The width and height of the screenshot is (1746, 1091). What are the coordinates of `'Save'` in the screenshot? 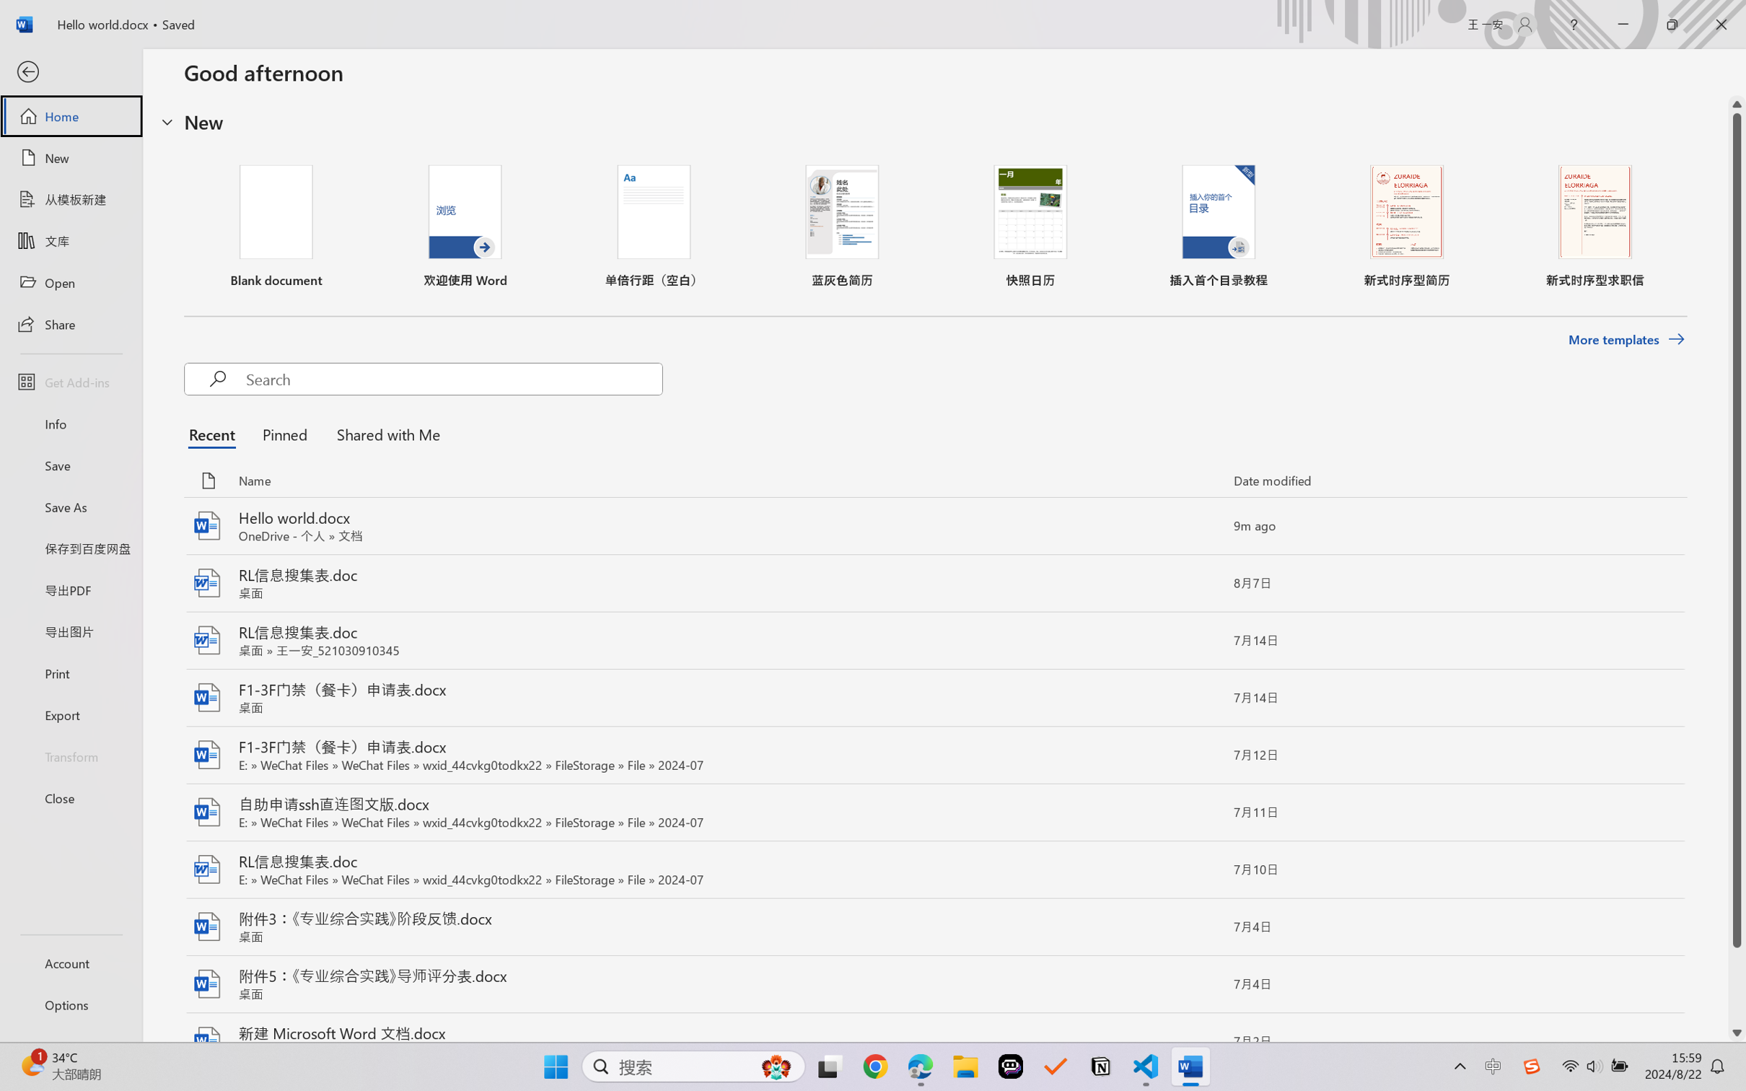 It's located at (70, 465).